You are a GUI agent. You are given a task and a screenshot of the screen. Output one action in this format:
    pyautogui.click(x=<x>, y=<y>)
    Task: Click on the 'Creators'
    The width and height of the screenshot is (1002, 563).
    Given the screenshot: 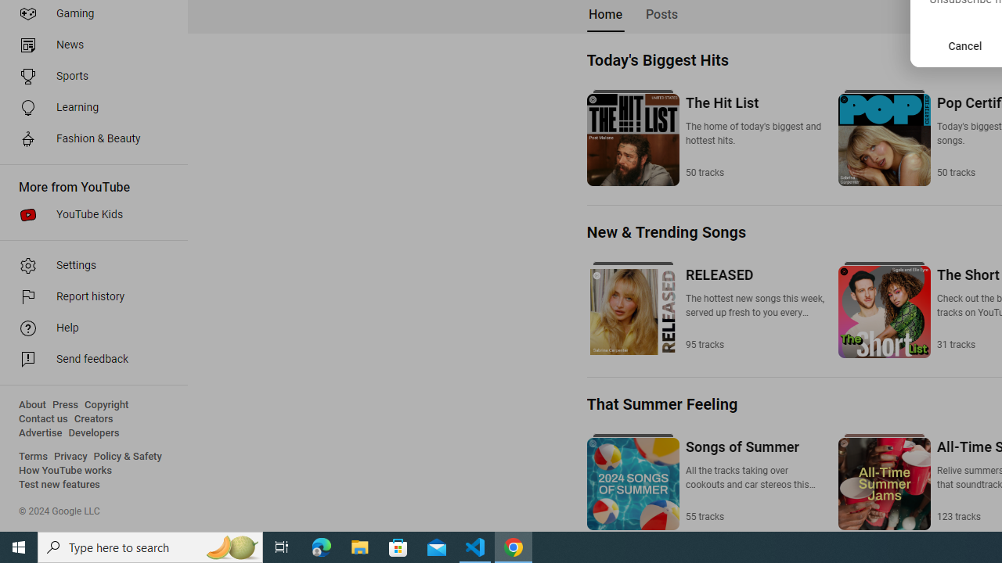 What is the action you would take?
    pyautogui.click(x=92, y=418)
    